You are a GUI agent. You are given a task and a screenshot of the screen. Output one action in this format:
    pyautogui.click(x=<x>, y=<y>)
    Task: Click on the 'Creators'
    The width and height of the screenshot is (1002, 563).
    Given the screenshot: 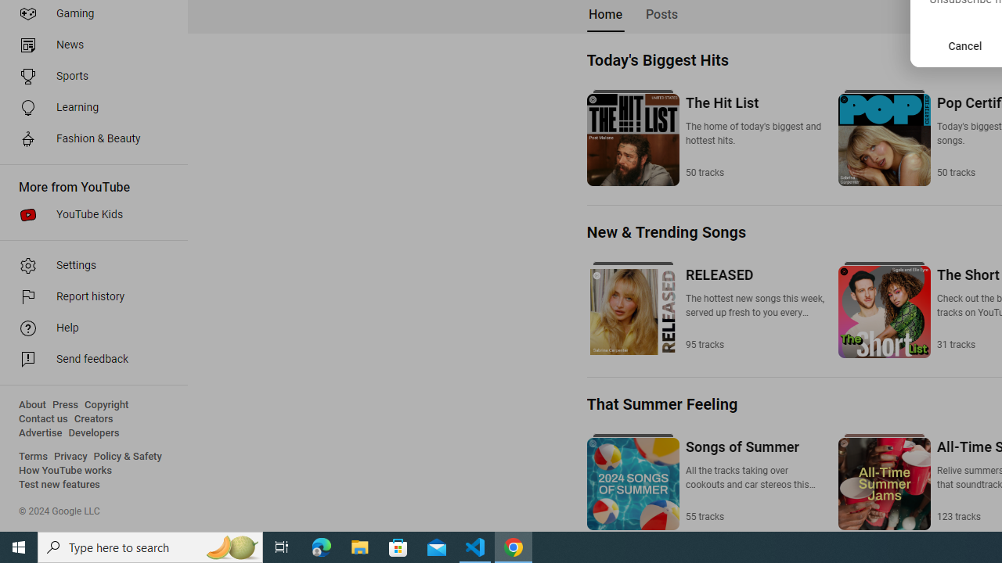 What is the action you would take?
    pyautogui.click(x=92, y=418)
    